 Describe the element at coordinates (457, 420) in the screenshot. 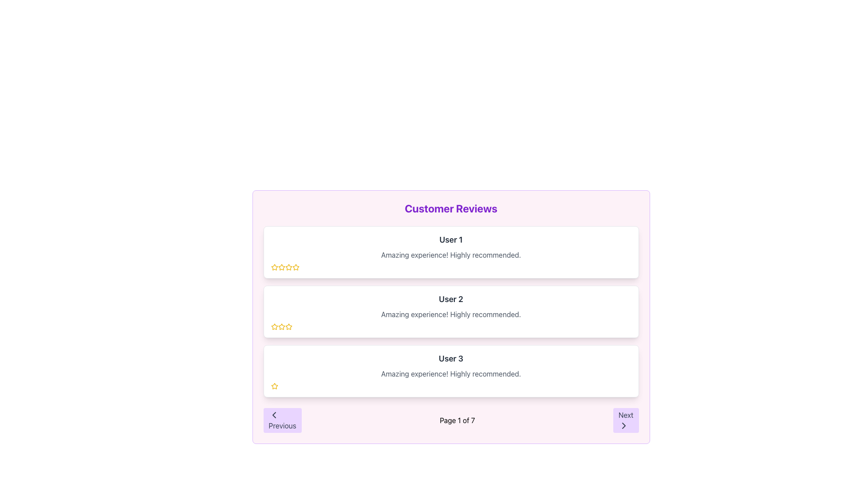

I see `the Static Text Label that displays the current page number and total pages in the pagination bar, located at the center of the pagination bar` at that location.